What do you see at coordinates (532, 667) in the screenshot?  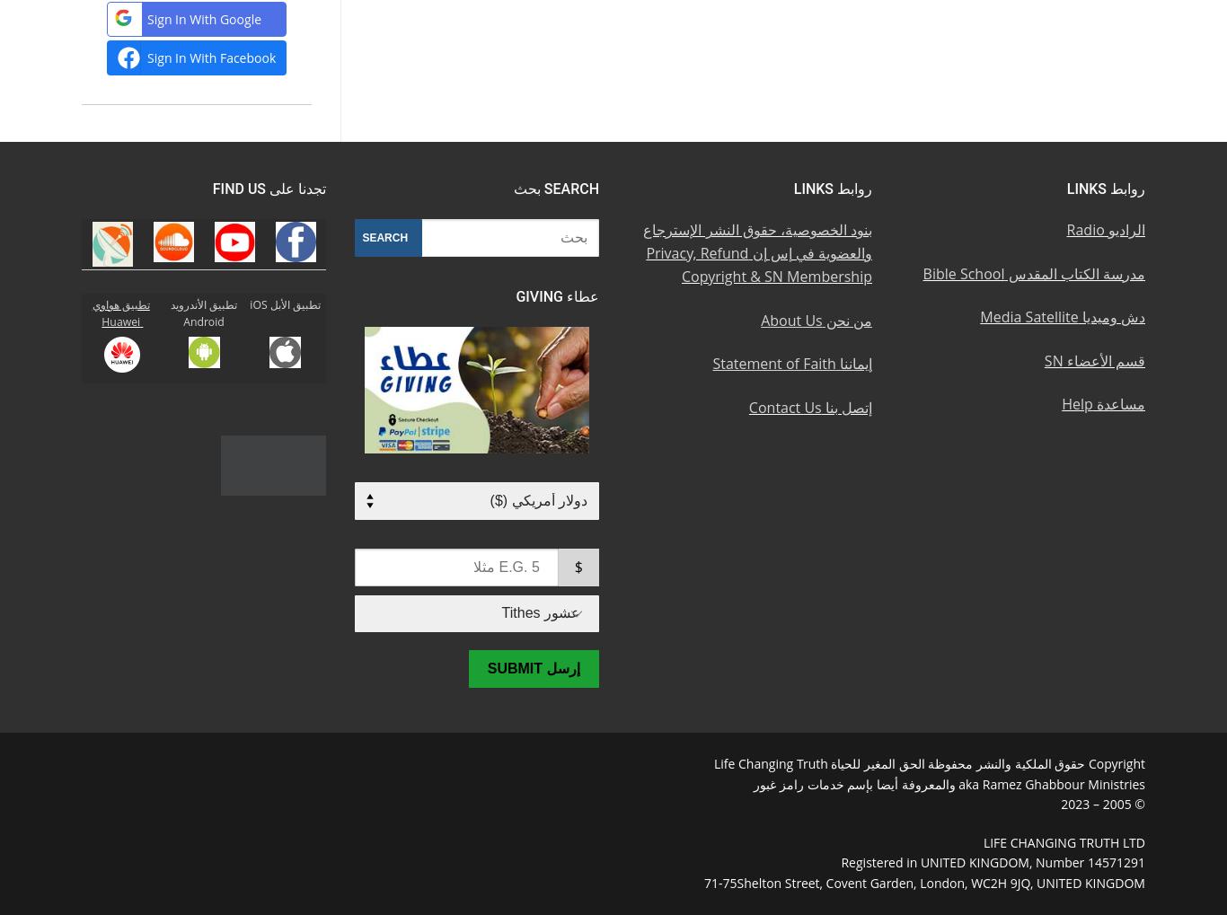 I see `'إرسل Submit'` at bounding box center [532, 667].